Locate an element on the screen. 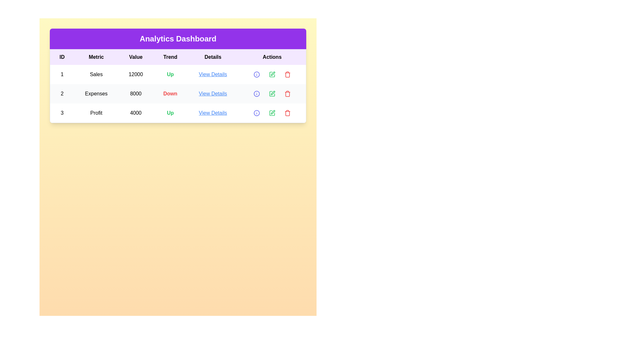  the text label 'Details' displayed prominently in bold black text within the header row of a table, located in the fifth column between 'Trend' and 'Actions' is located at coordinates (213, 57).